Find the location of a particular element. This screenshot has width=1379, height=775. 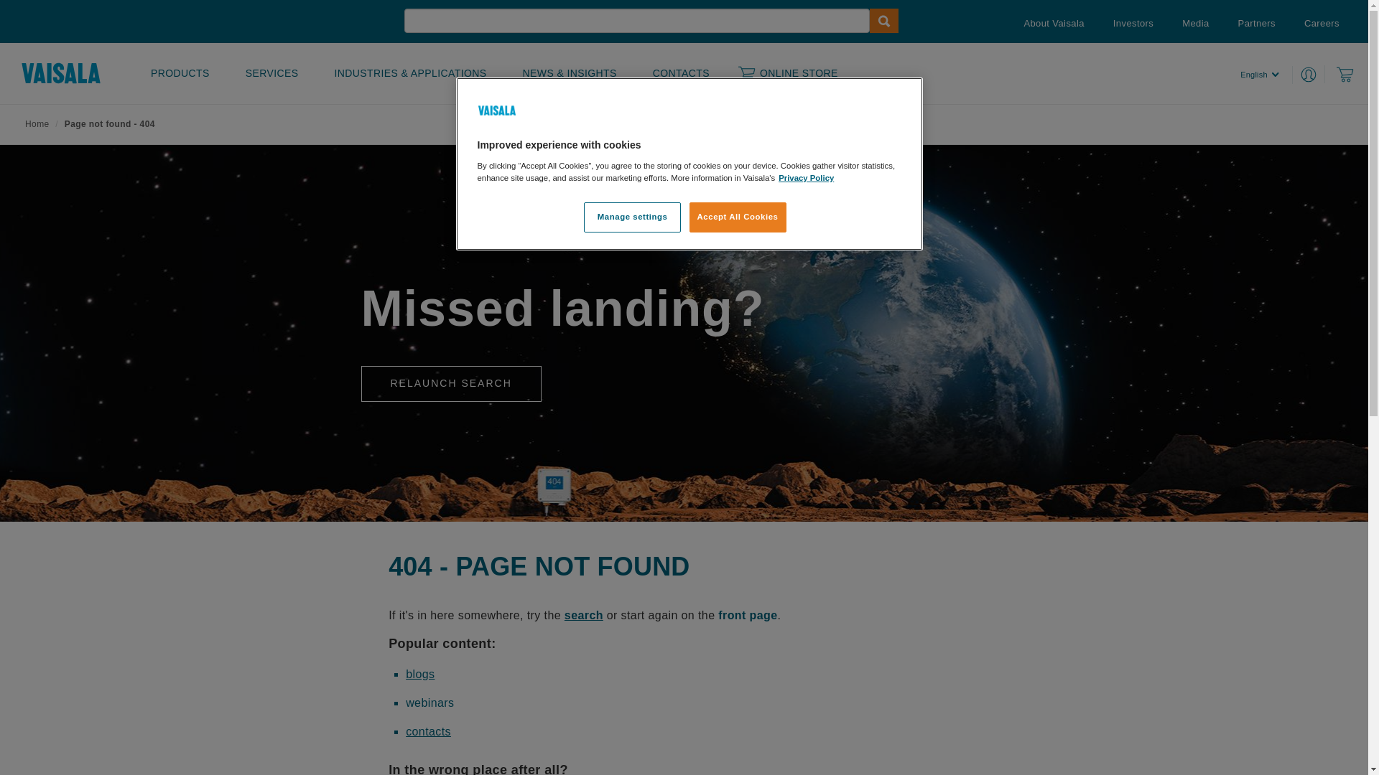

'CONTACTS' is located at coordinates (680, 73).